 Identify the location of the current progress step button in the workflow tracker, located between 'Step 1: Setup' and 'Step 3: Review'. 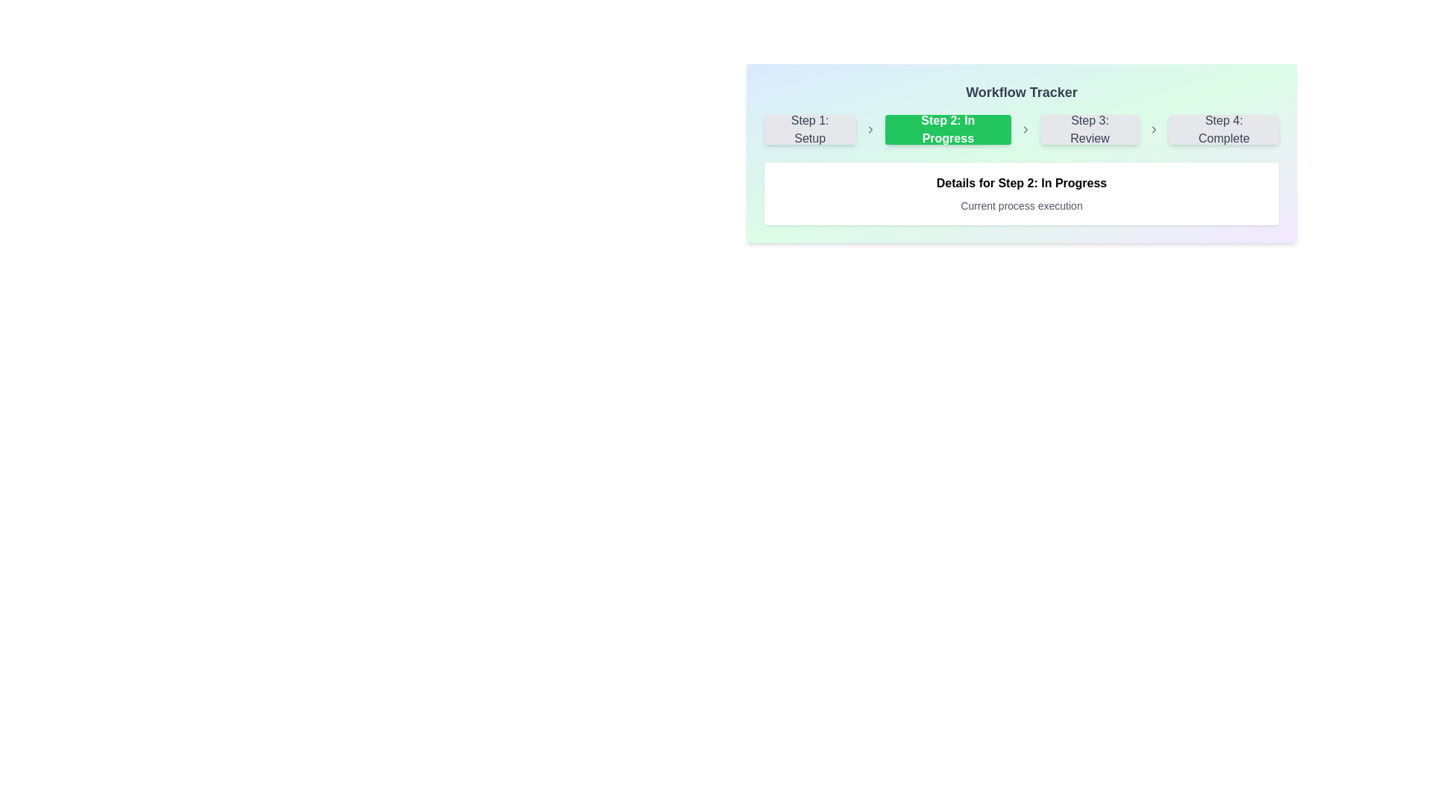
(947, 128).